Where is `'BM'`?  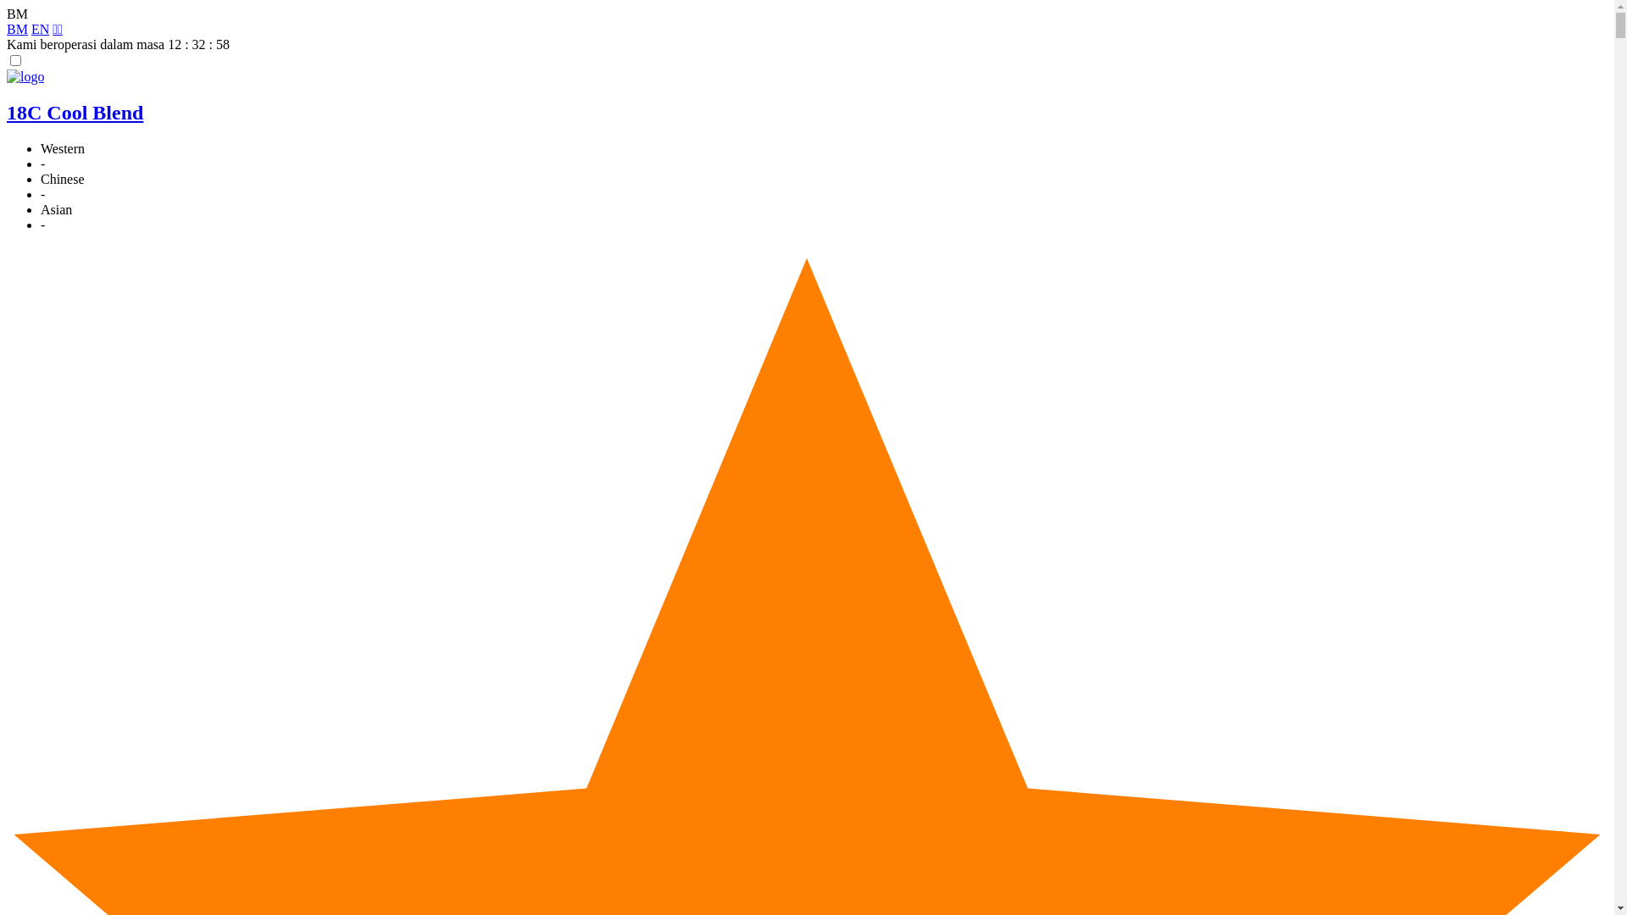
'BM' is located at coordinates (17, 14).